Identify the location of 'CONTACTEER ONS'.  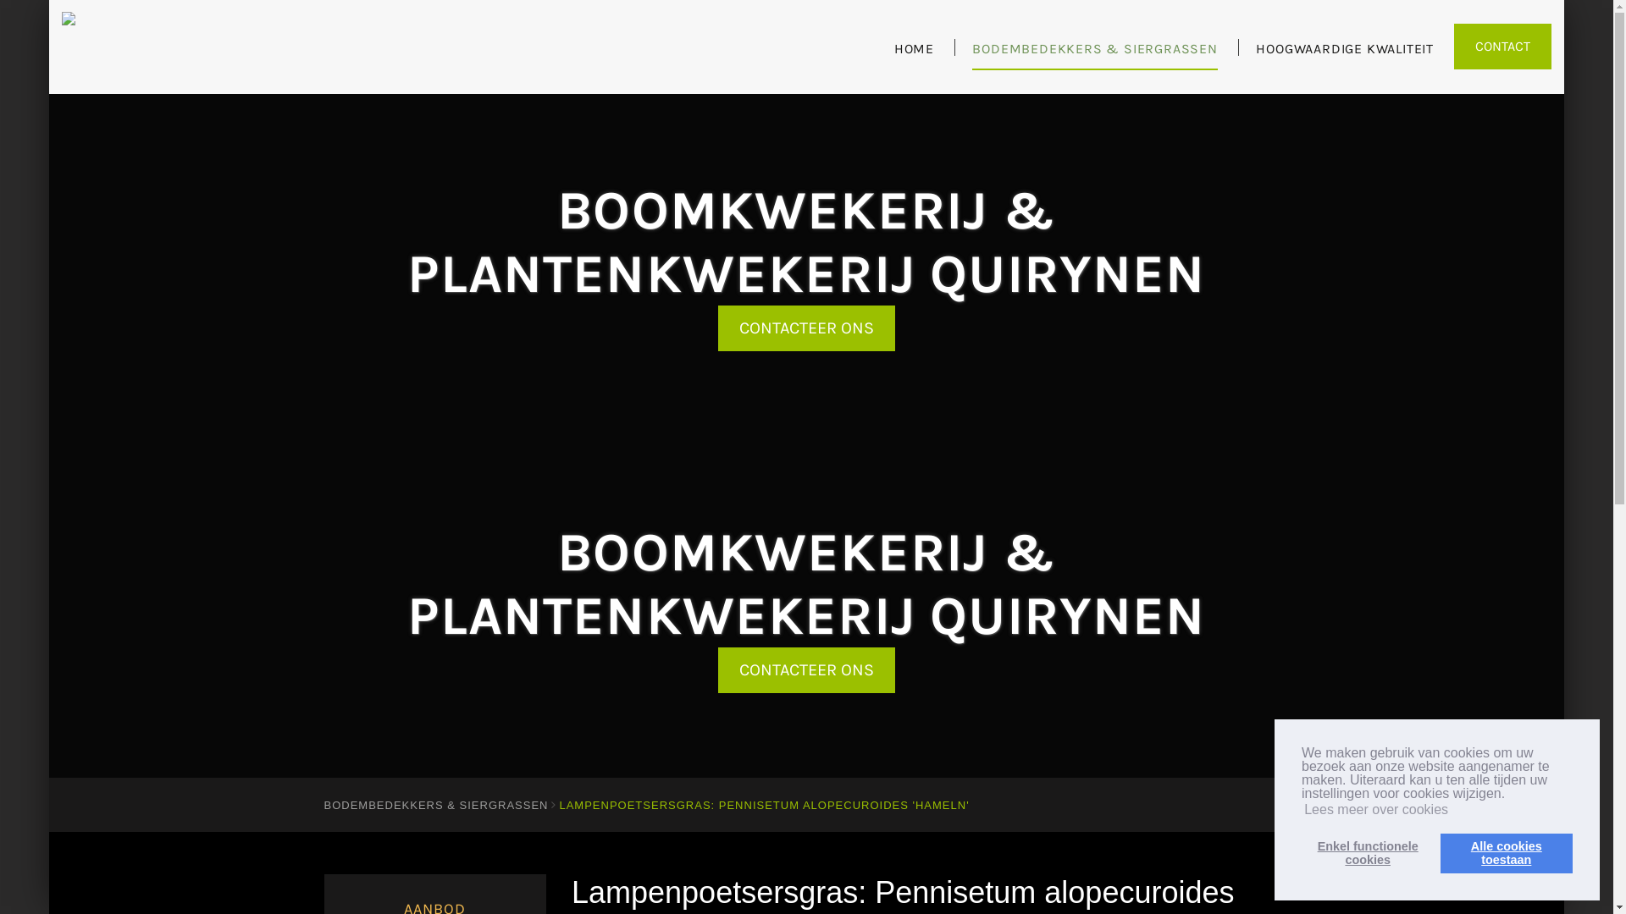
(805, 328).